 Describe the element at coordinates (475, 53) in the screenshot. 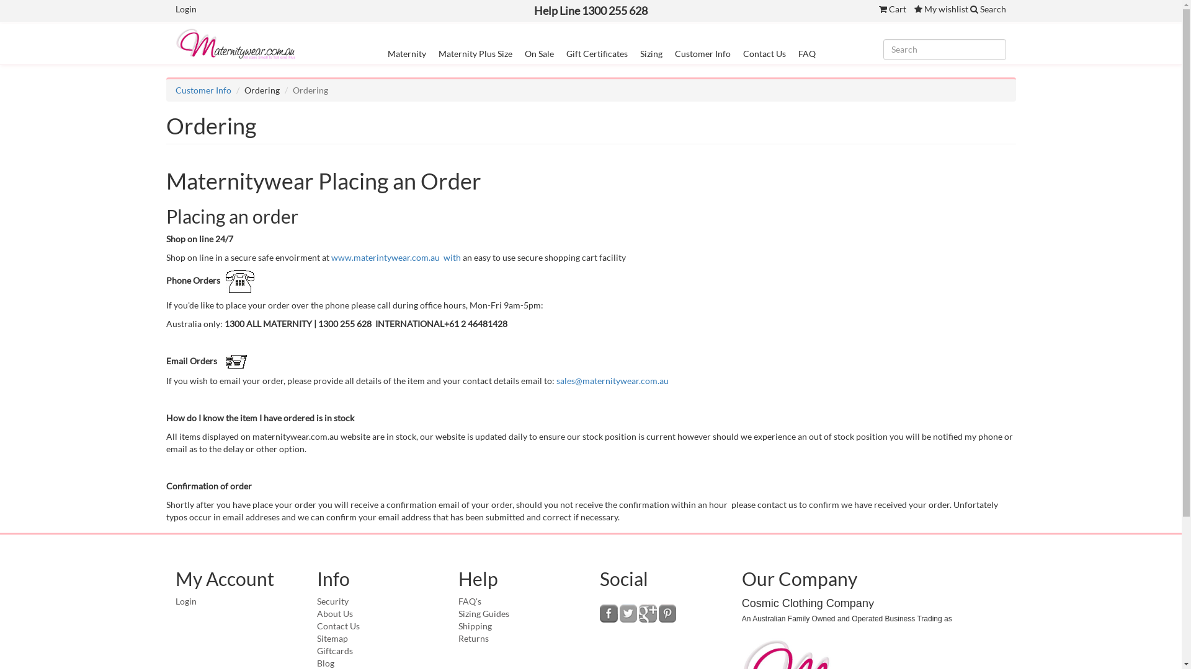

I see `'Maternity Plus Size'` at that location.